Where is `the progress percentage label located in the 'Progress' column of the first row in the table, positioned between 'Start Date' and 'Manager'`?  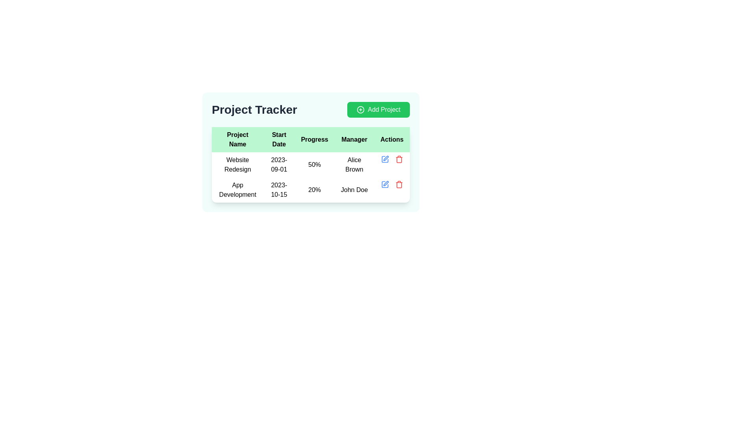
the progress percentage label located in the 'Progress' column of the first row in the table, positioned between 'Start Date' and 'Manager' is located at coordinates (314, 164).